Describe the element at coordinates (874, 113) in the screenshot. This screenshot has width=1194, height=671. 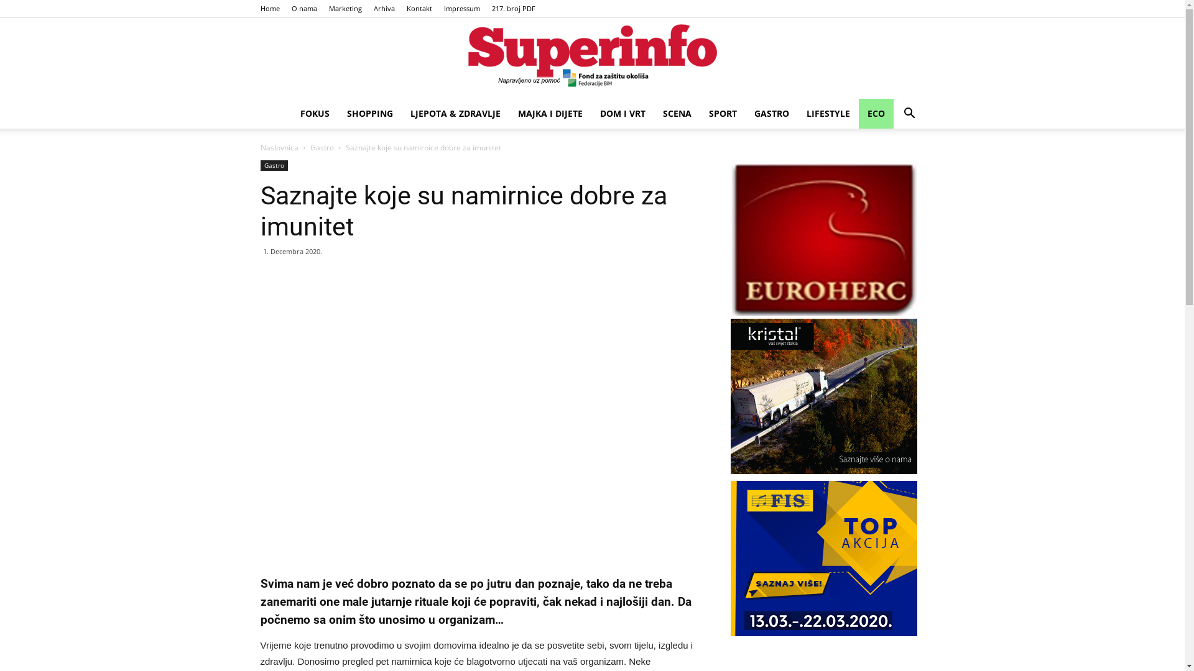
I see `'ECO'` at that location.